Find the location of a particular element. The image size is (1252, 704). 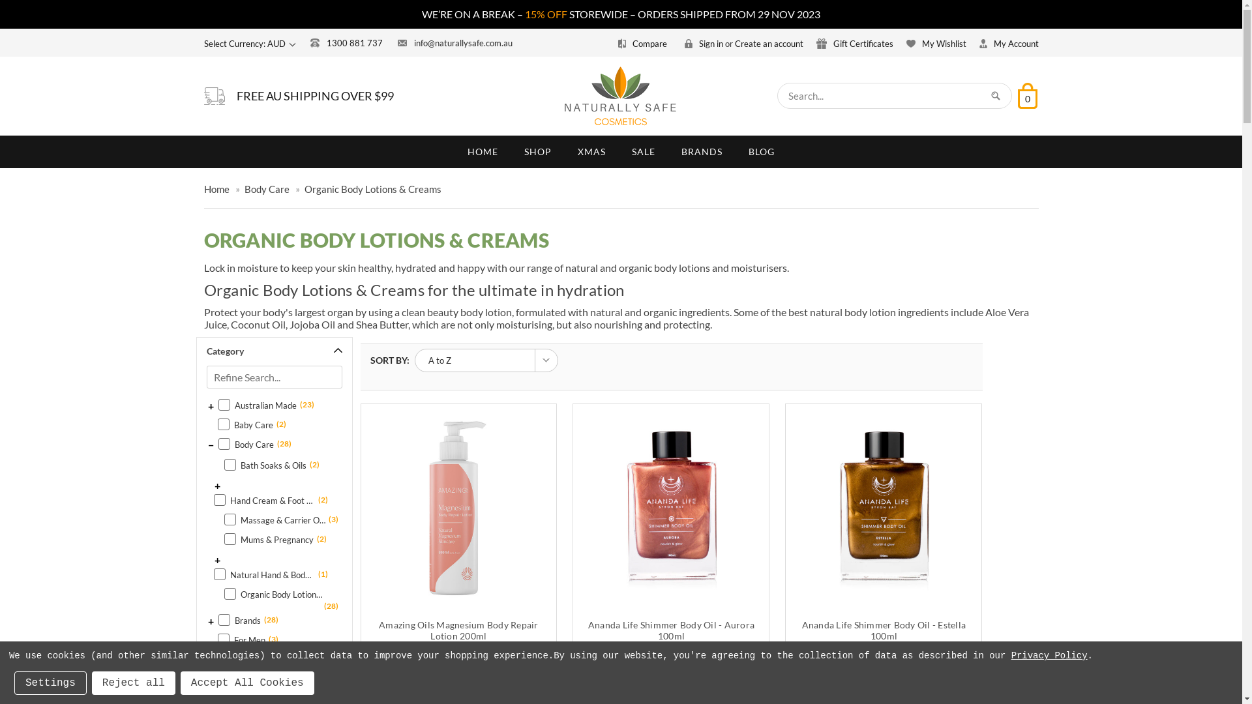

'Accept All Cookies' is located at coordinates (247, 682).